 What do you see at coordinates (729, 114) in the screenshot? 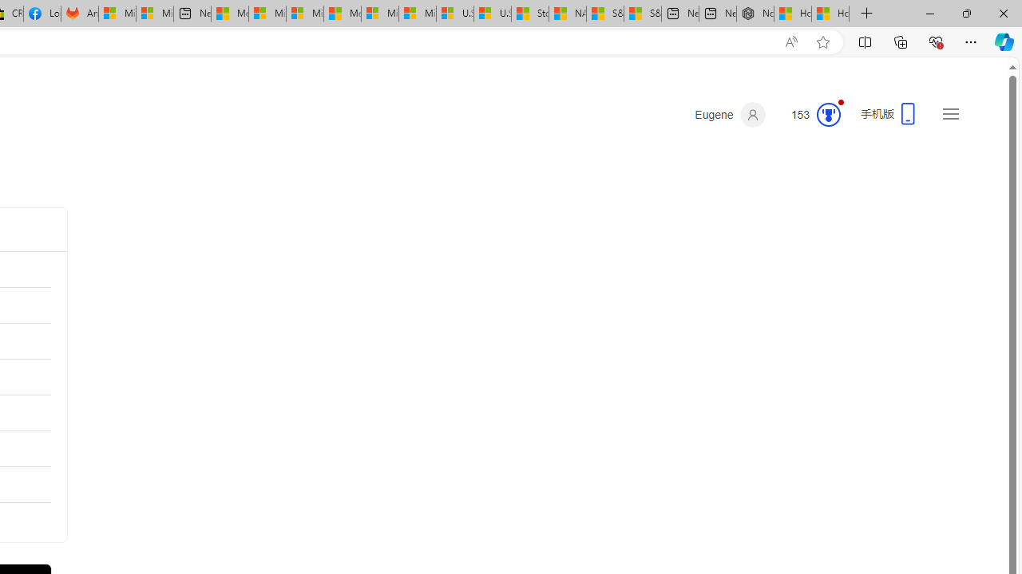
I see `'Eugene'` at bounding box center [729, 114].